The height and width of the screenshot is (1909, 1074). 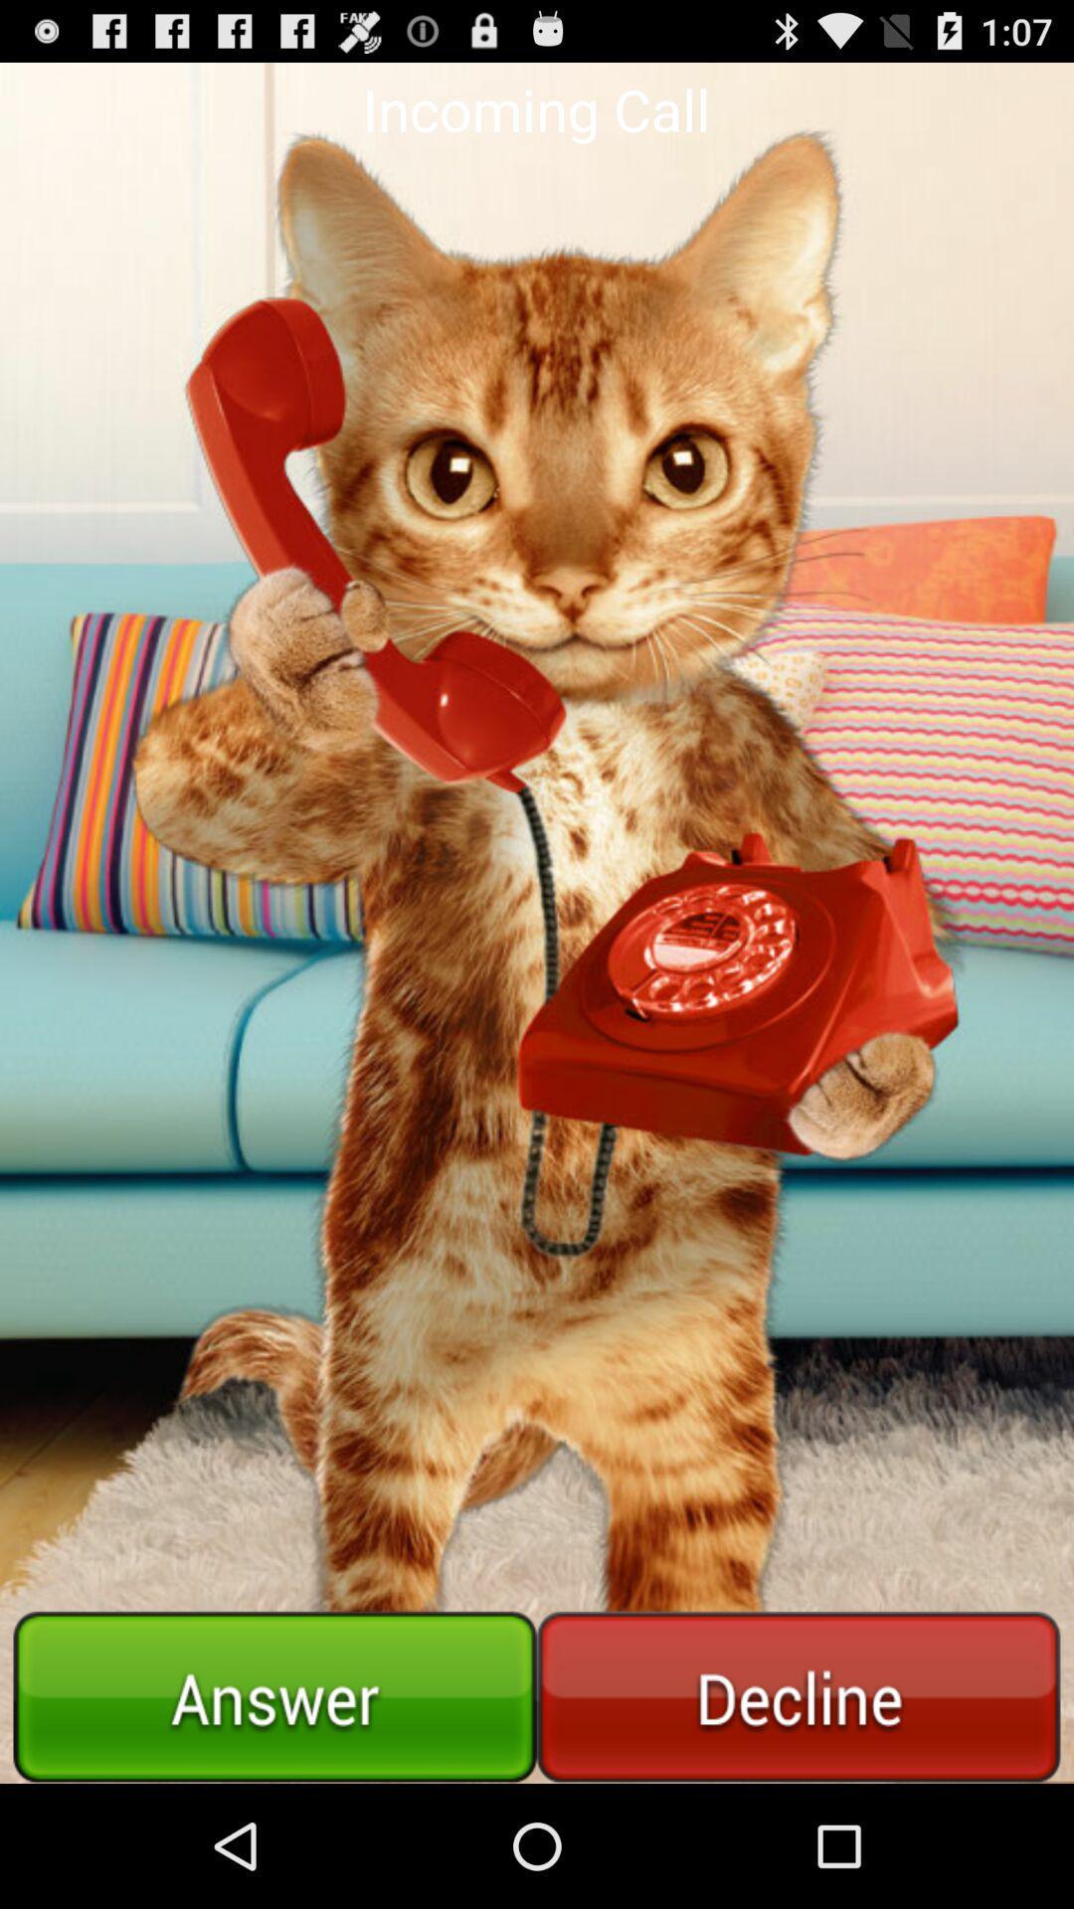 What do you see at coordinates (274, 1696) in the screenshot?
I see `answer the phone` at bounding box center [274, 1696].